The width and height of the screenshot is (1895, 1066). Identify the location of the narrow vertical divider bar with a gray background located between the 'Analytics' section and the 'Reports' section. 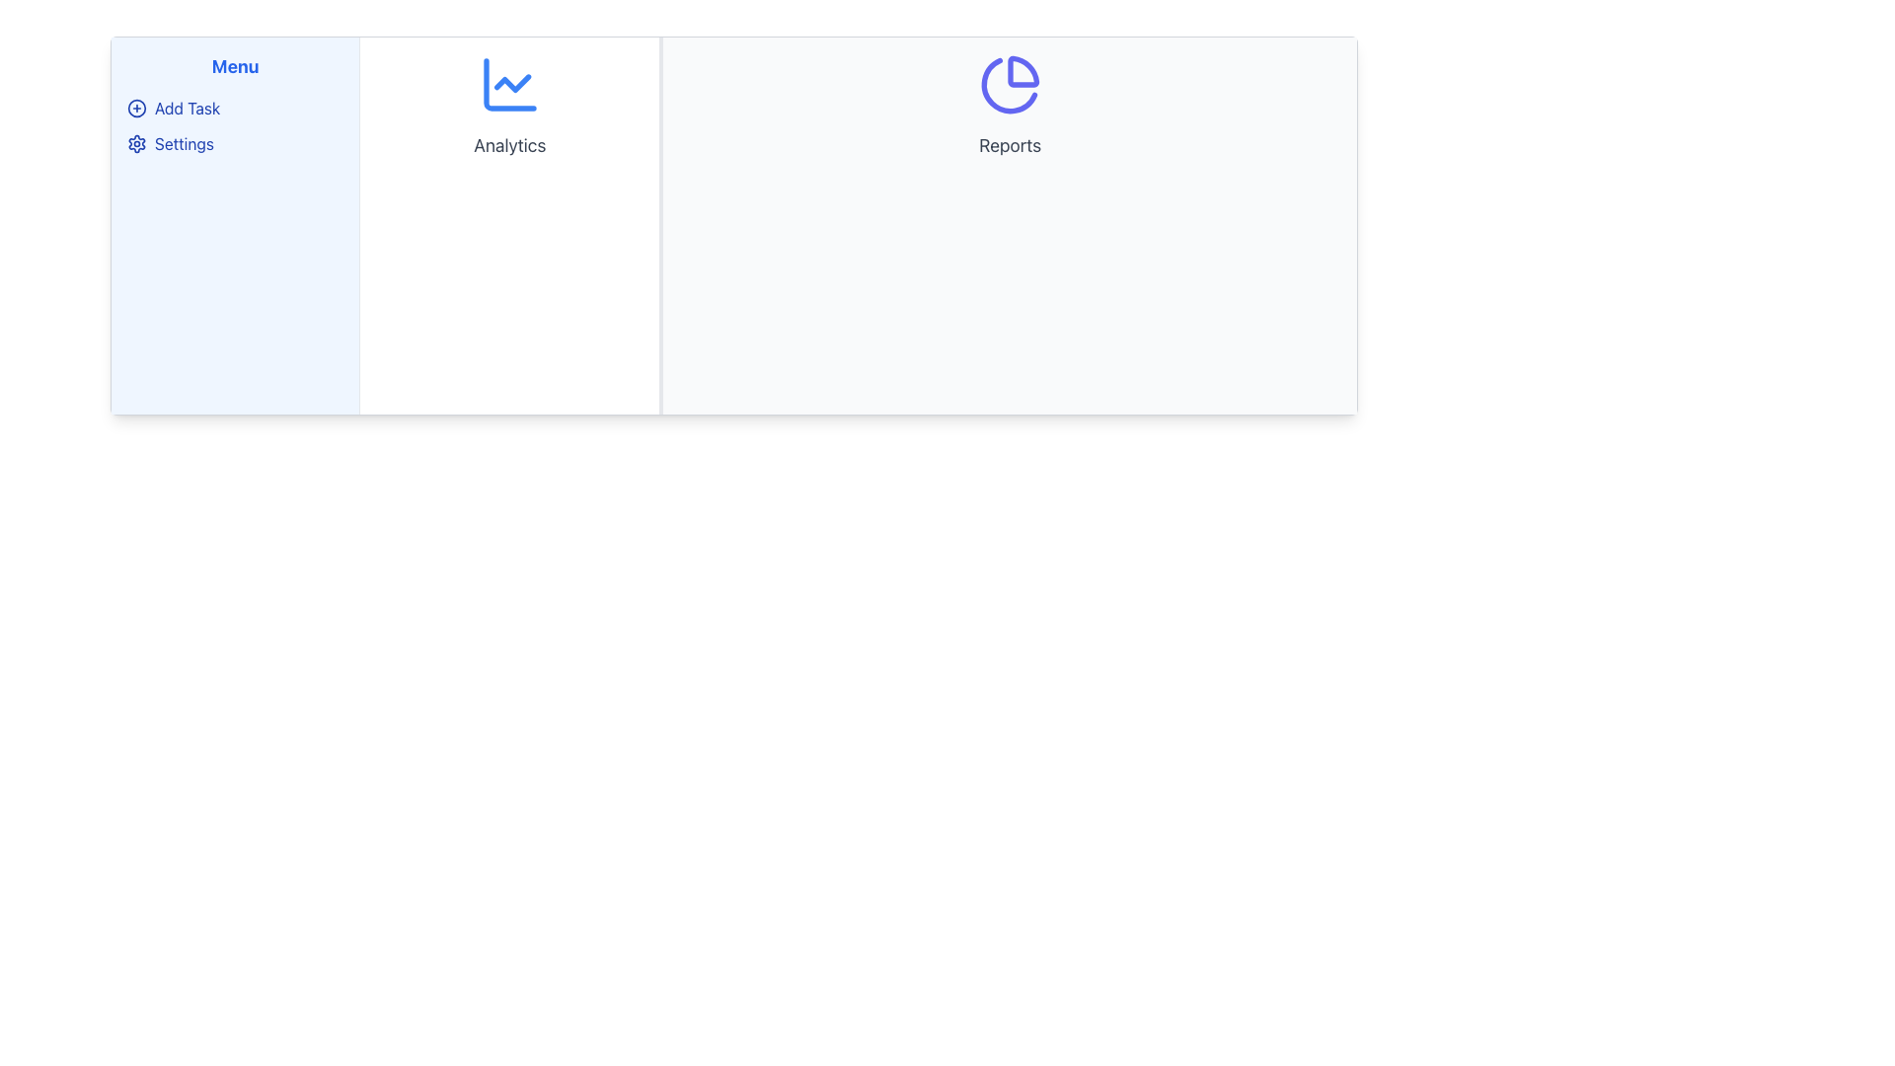
(661, 224).